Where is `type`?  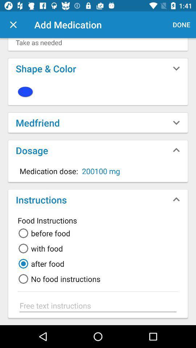
type is located at coordinates (98, 305).